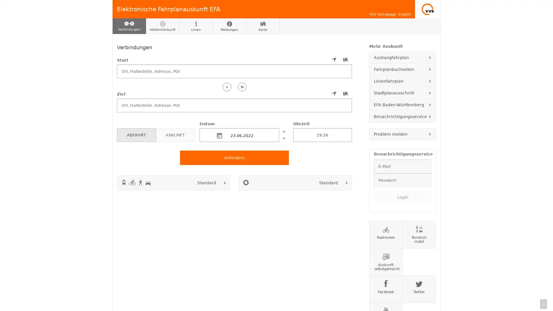 The image size is (553, 311). I want to click on Verbindungen, so click(129, 26).